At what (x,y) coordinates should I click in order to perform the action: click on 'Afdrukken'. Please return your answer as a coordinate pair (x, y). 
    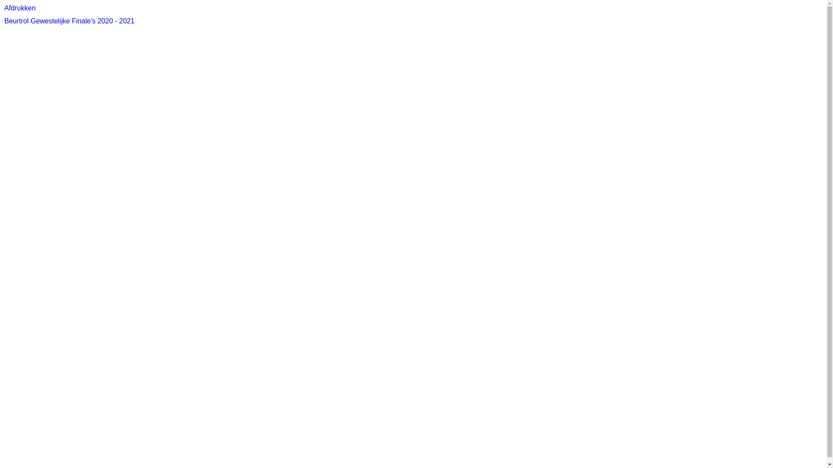
    Looking at the image, I should click on (20, 8).